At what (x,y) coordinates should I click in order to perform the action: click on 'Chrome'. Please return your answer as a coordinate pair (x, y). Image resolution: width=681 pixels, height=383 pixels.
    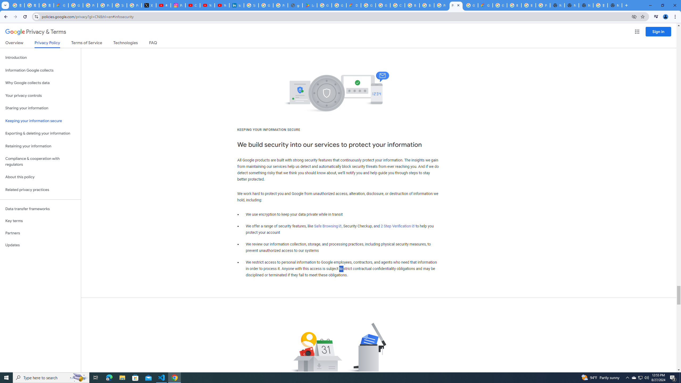
    Looking at the image, I should click on (675, 16).